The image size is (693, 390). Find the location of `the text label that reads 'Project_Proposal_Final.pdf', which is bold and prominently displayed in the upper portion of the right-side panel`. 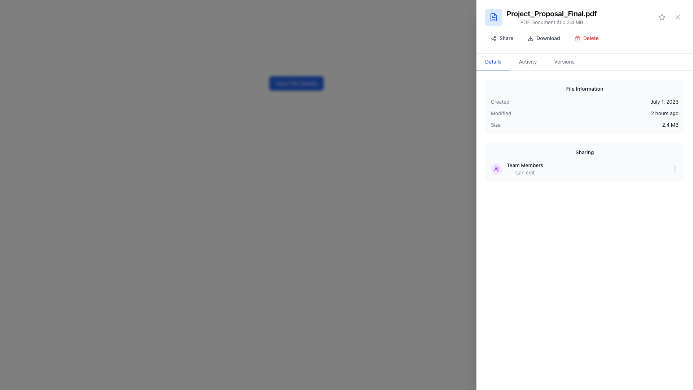

the text label that reads 'Project_Proposal_Final.pdf', which is bold and prominently displayed in the upper portion of the right-side panel is located at coordinates (551, 14).